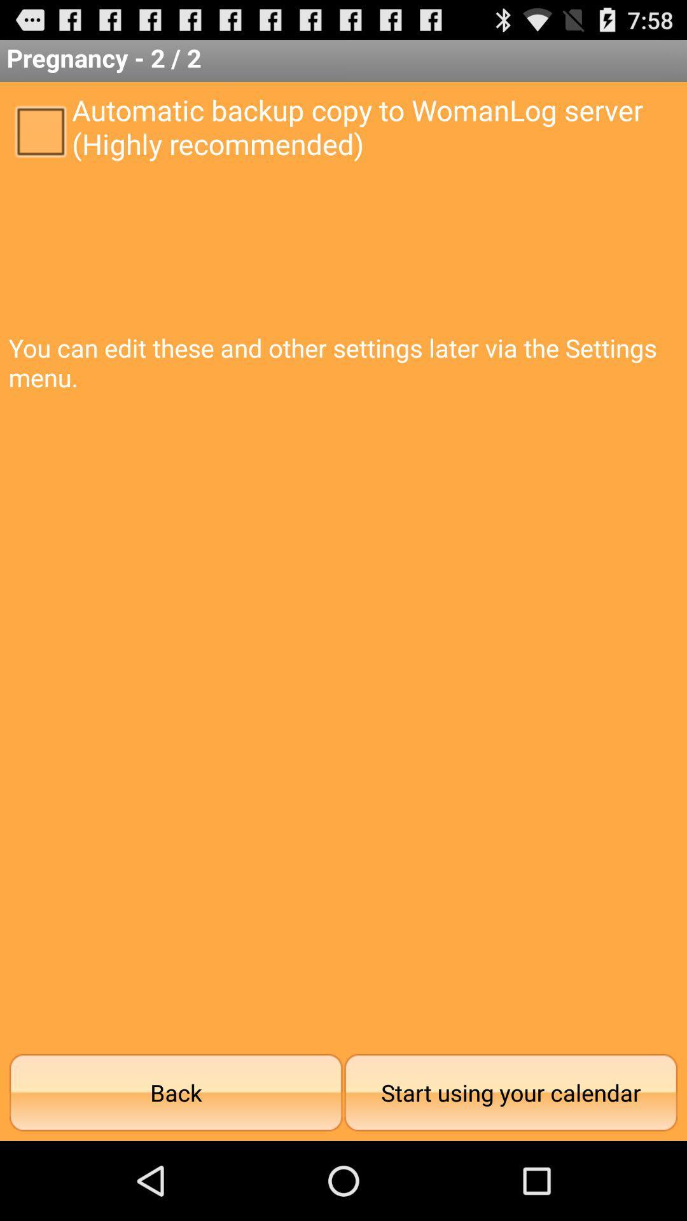  Describe the element at coordinates (510, 1092) in the screenshot. I see `icon next to the back item` at that location.